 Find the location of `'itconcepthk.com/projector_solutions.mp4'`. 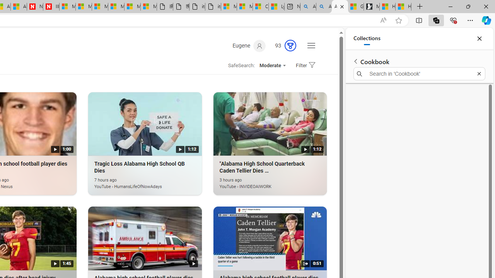

'itconcepthk.com/projector_solutions.mp4' is located at coordinates (213, 7).